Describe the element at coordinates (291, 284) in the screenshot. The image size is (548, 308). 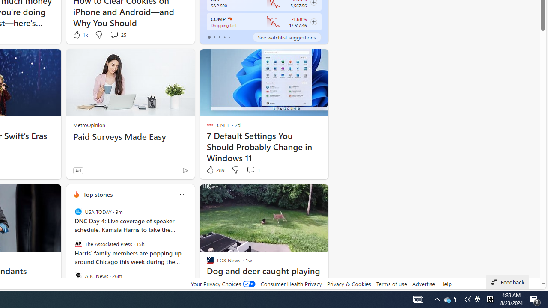
I see `'Consumer Health Privacy'` at that location.